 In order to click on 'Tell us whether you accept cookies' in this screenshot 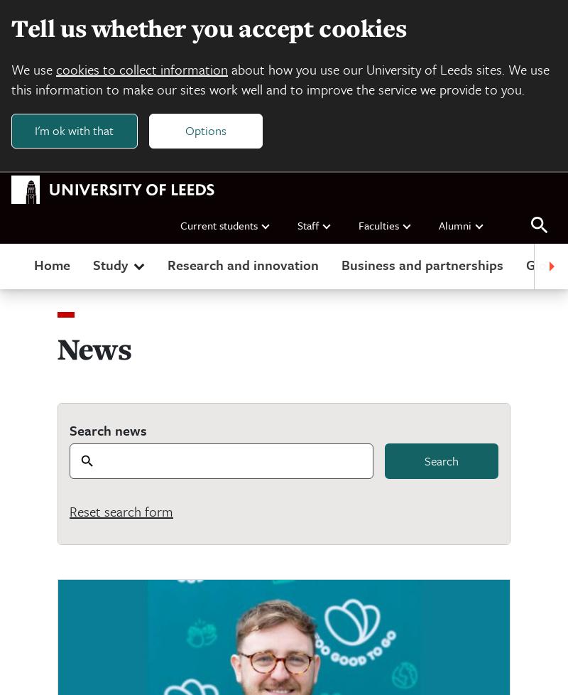, I will do `click(11, 28)`.